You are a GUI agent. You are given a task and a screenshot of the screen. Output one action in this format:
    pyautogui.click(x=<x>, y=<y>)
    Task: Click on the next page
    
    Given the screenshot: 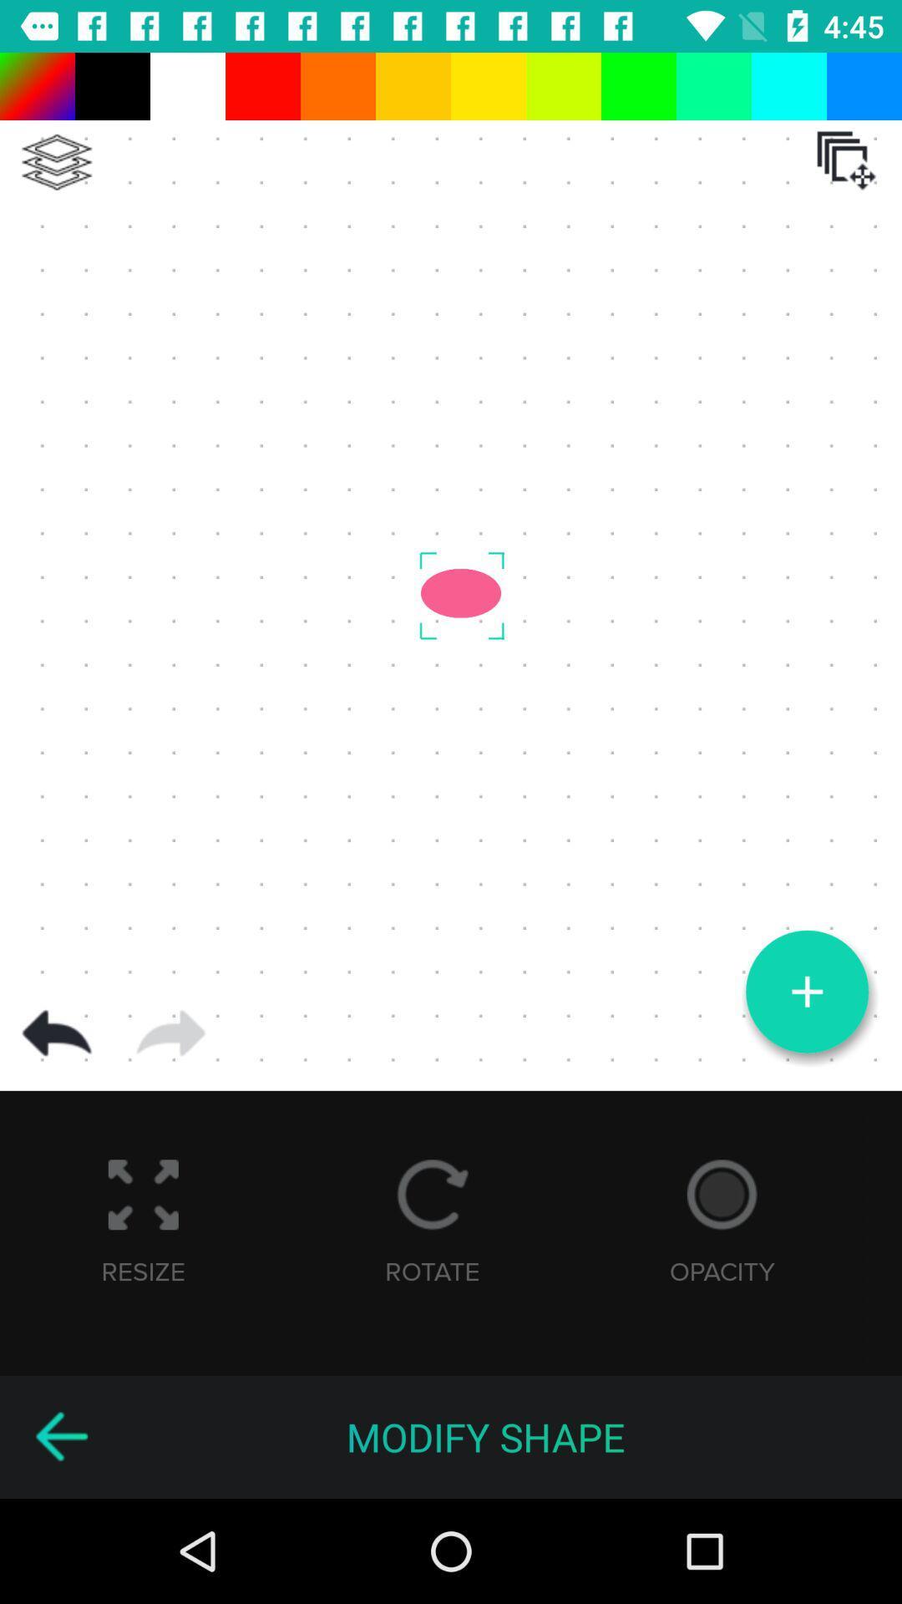 What is the action you would take?
    pyautogui.click(x=170, y=1033)
    